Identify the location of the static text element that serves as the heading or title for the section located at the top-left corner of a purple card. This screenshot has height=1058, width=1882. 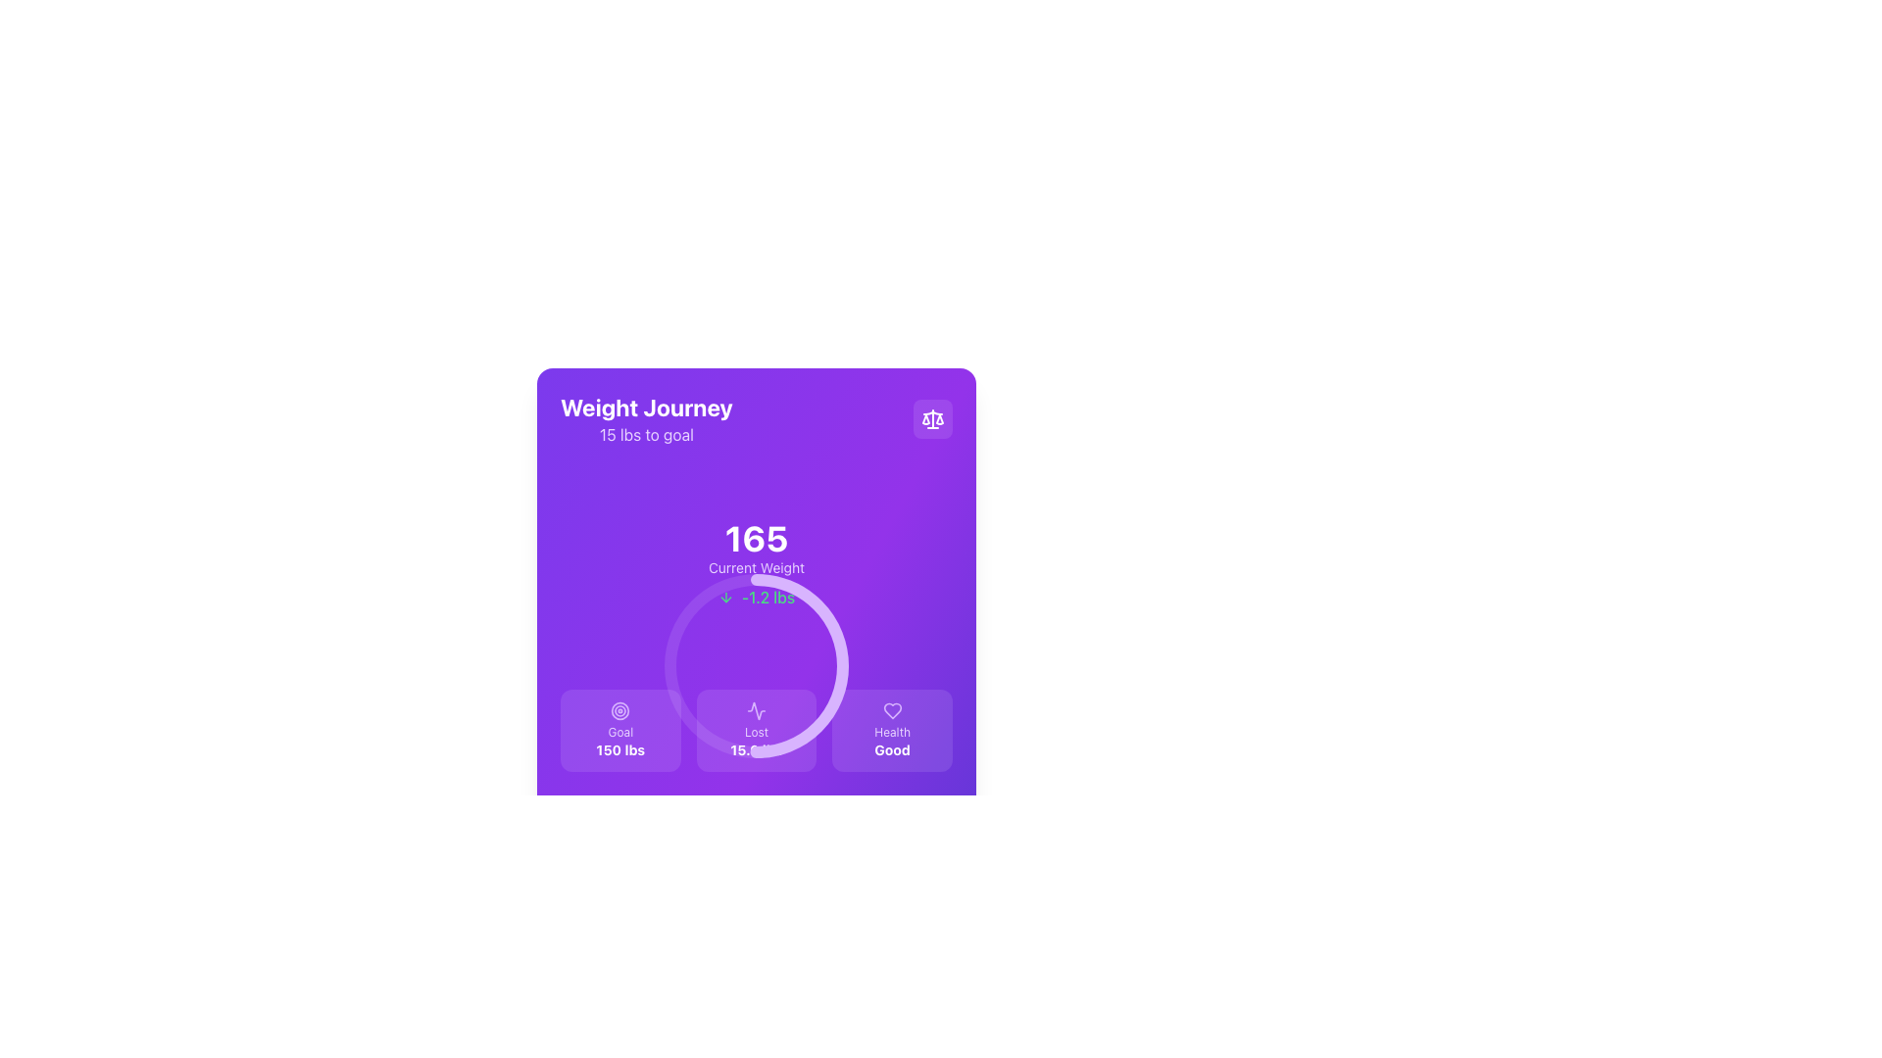
(646, 407).